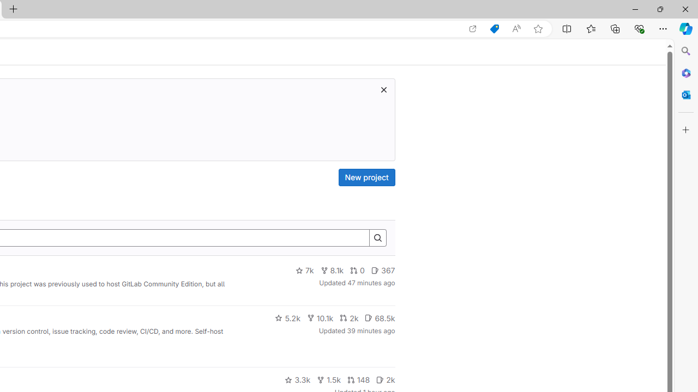 This screenshot has width=698, height=392. What do you see at coordinates (358, 270) in the screenshot?
I see `'0'` at bounding box center [358, 270].